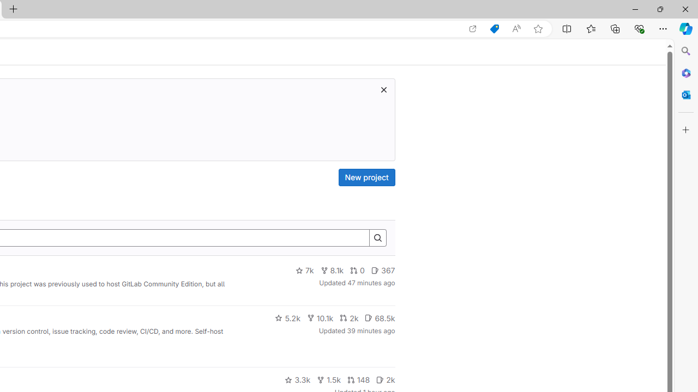 This screenshot has width=698, height=392. What do you see at coordinates (358, 270) in the screenshot?
I see `'0'` at bounding box center [358, 270].